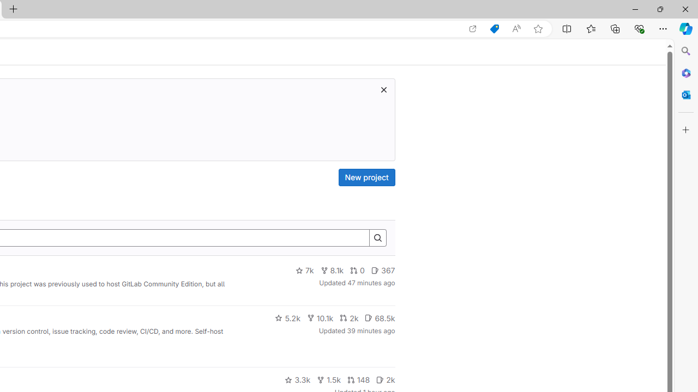 This screenshot has width=698, height=392. What do you see at coordinates (358, 270) in the screenshot?
I see `'0'` at bounding box center [358, 270].